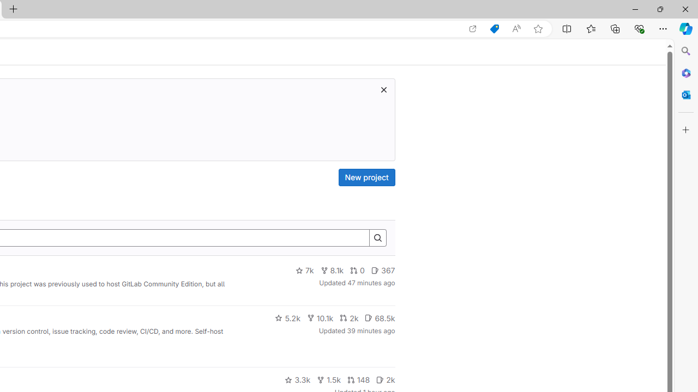 This screenshot has width=698, height=392. What do you see at coordinates (358, 270) in the screenshot?
I see `'0'` at bounding box center [358, 270].